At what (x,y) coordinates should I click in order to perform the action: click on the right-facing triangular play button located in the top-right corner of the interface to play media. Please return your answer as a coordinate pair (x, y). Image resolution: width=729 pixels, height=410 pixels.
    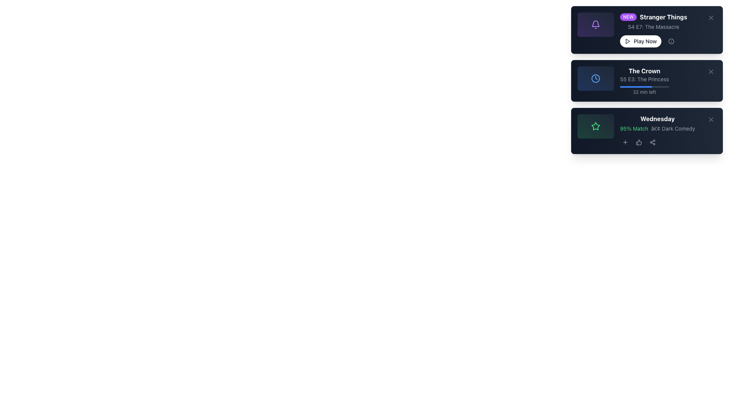
    Looking at the image, I should click on (627, 41).